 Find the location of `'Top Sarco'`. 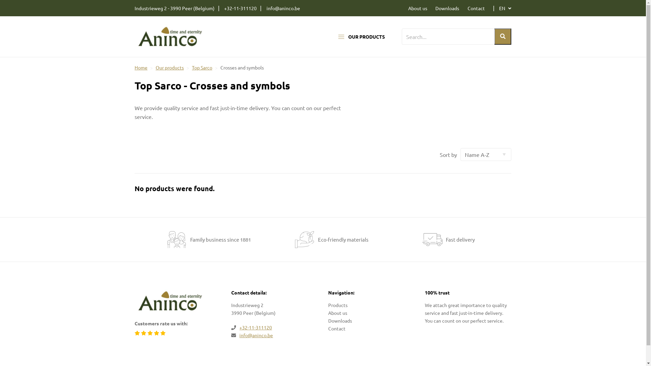

'Top Sarco' is located at coordinates (201, 67).